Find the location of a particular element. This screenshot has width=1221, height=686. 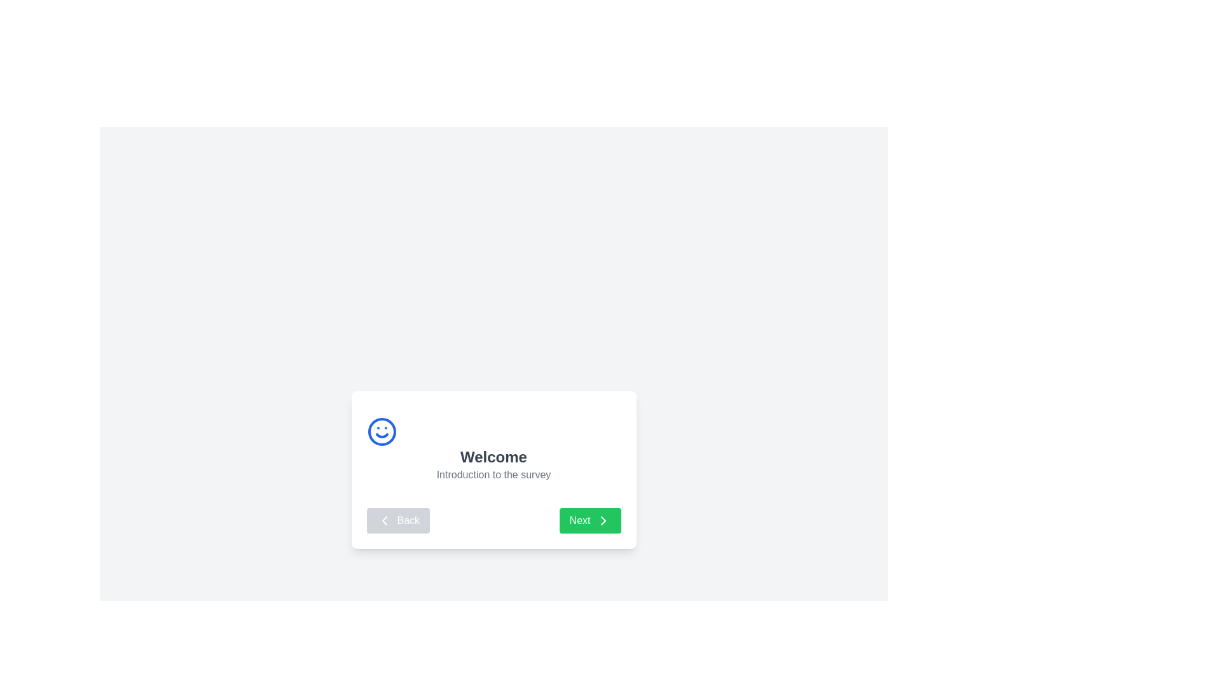

the blue circular element at the center of the smiling face icon, which is the largest part of the face structure is located at coordinates (381, 431).